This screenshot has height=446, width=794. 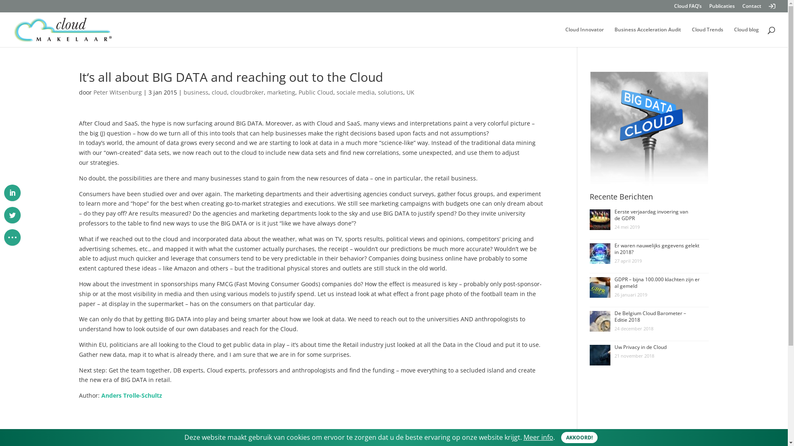 What do you see at coordinates (538, 437) in the screenshot?
I see `'Meer info'` at bounding box center [538, 437].